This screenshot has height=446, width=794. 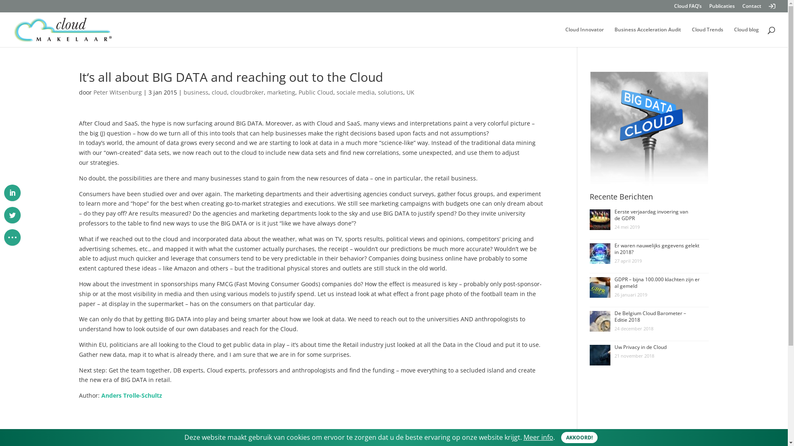 What do you see at coordinates (538, 437) in the screenshot?
I see `'Meer info'` at bounding box center [538, 437].